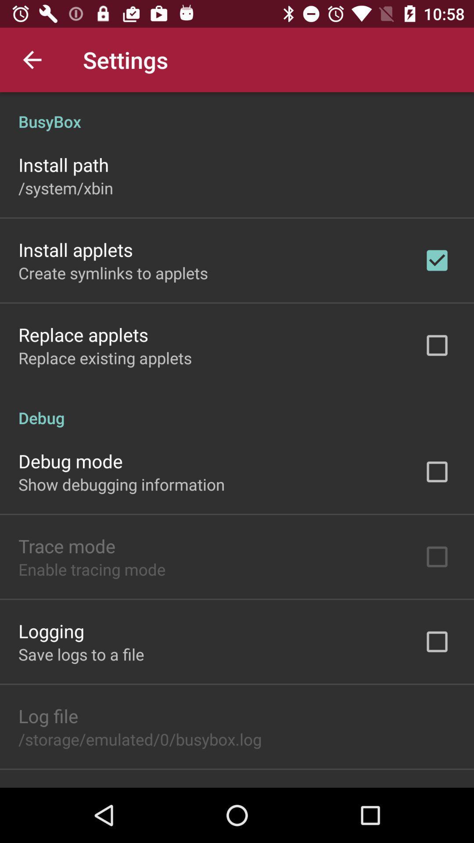 The width and height of the screenshot is (474, 843). I want to click on the show debugging information icon, so click(122, 484).